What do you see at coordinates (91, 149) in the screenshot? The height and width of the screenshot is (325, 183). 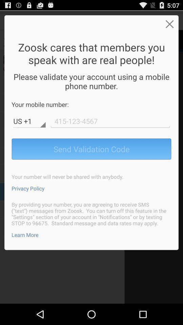 I see `the blue button of the page` at bounding box center [91, 149].